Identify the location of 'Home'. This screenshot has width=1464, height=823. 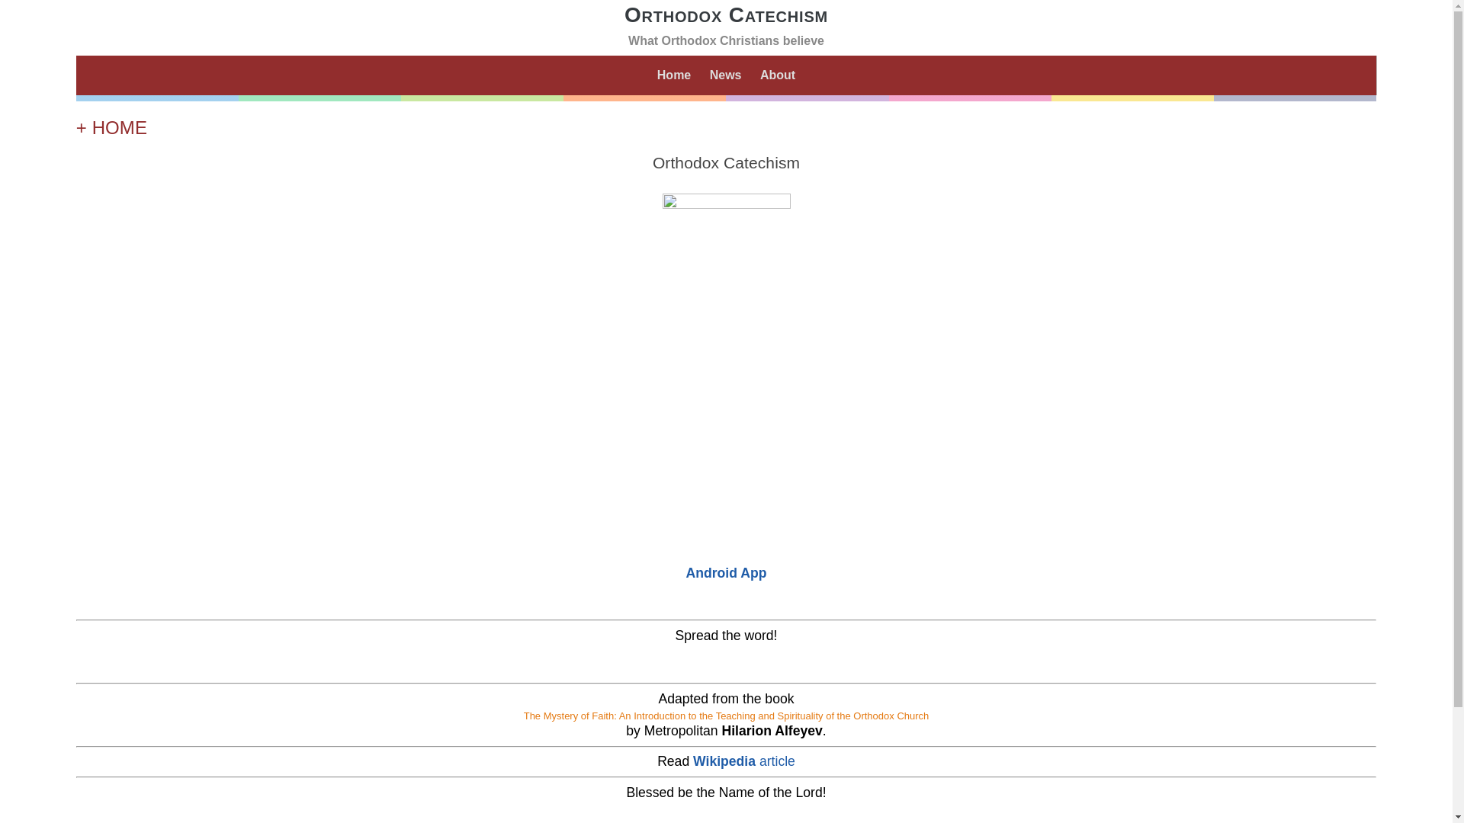
(673, 75).